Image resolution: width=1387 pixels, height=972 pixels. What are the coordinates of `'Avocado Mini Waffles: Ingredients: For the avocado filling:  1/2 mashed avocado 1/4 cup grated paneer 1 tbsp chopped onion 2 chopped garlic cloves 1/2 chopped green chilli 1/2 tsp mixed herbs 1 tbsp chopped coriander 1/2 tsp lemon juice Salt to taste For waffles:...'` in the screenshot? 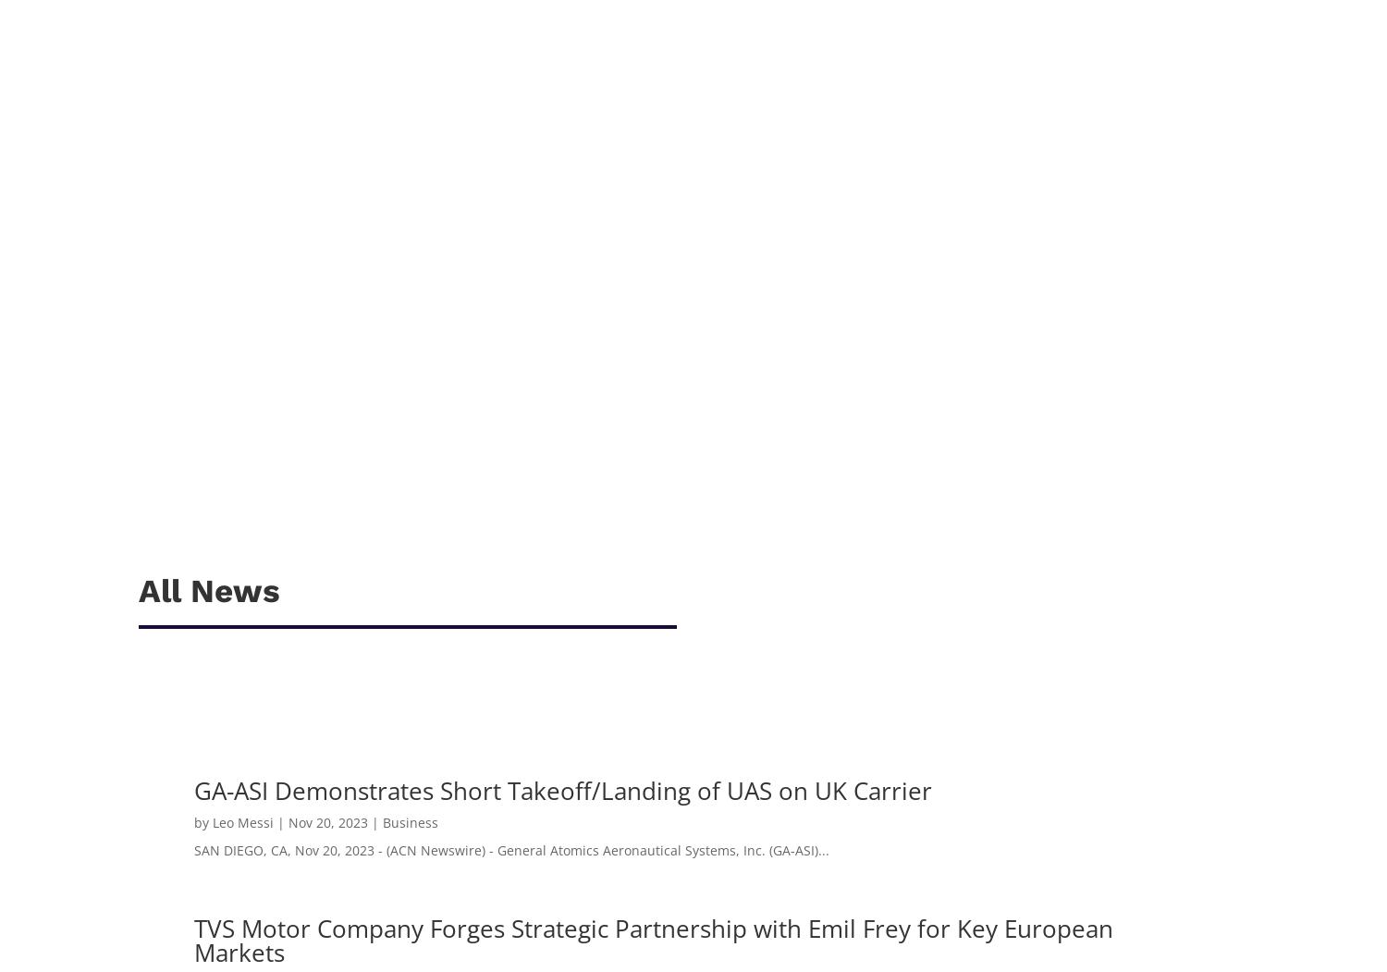 It's located at (544, 135).